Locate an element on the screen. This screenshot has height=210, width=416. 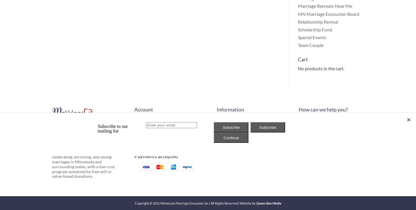
'info@marriages.org' is located at coordinates (326, 126).